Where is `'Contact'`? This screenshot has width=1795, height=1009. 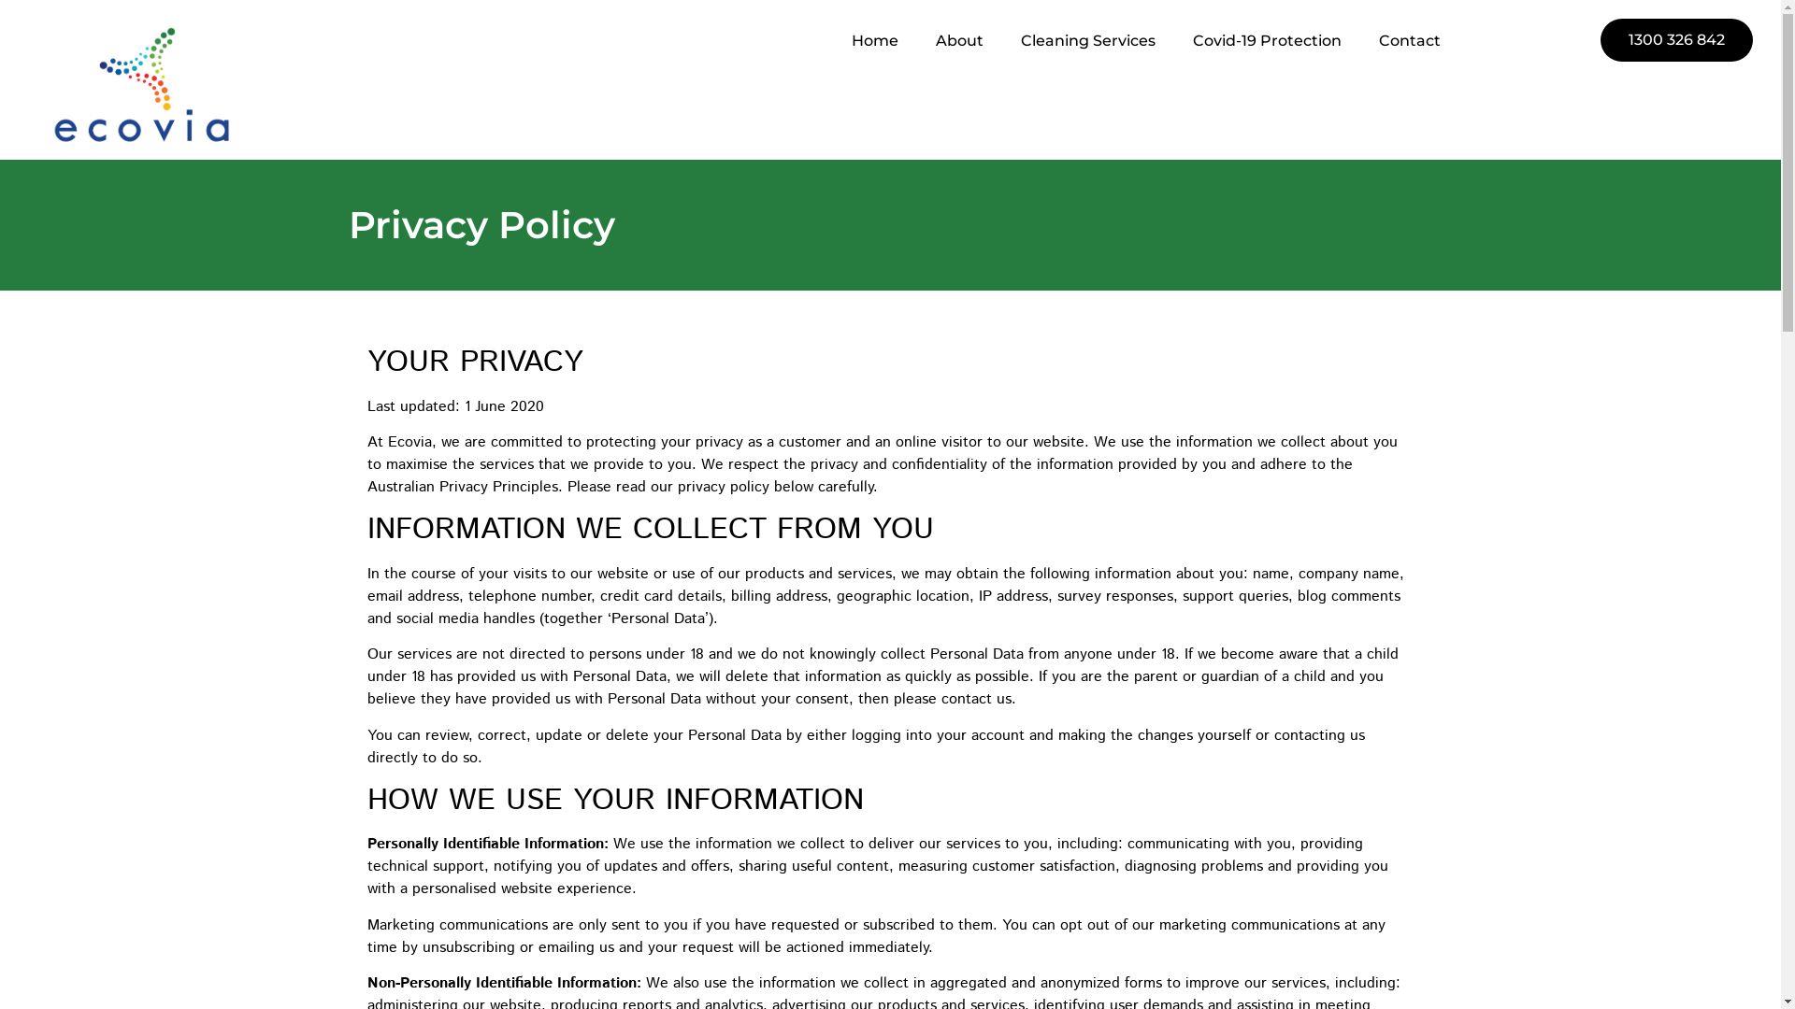
'Contact' is located at coordinates (1409, 40).